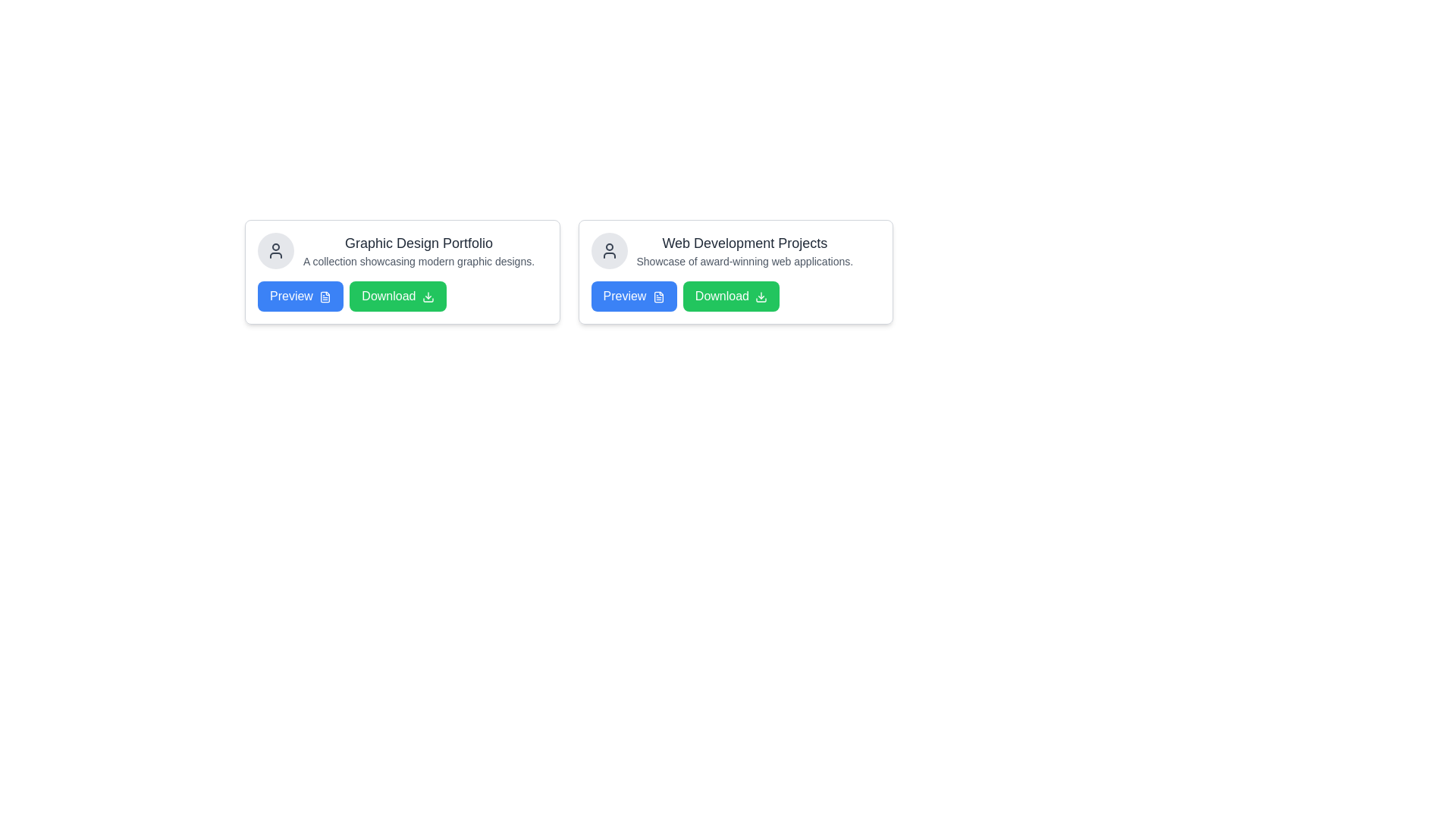  Describe the element at coordinates (736, 250) in the screenshot. I see `the Text block that serves as the header and description section of the card, located prominently in the upper half next to a user symbol` at that location.